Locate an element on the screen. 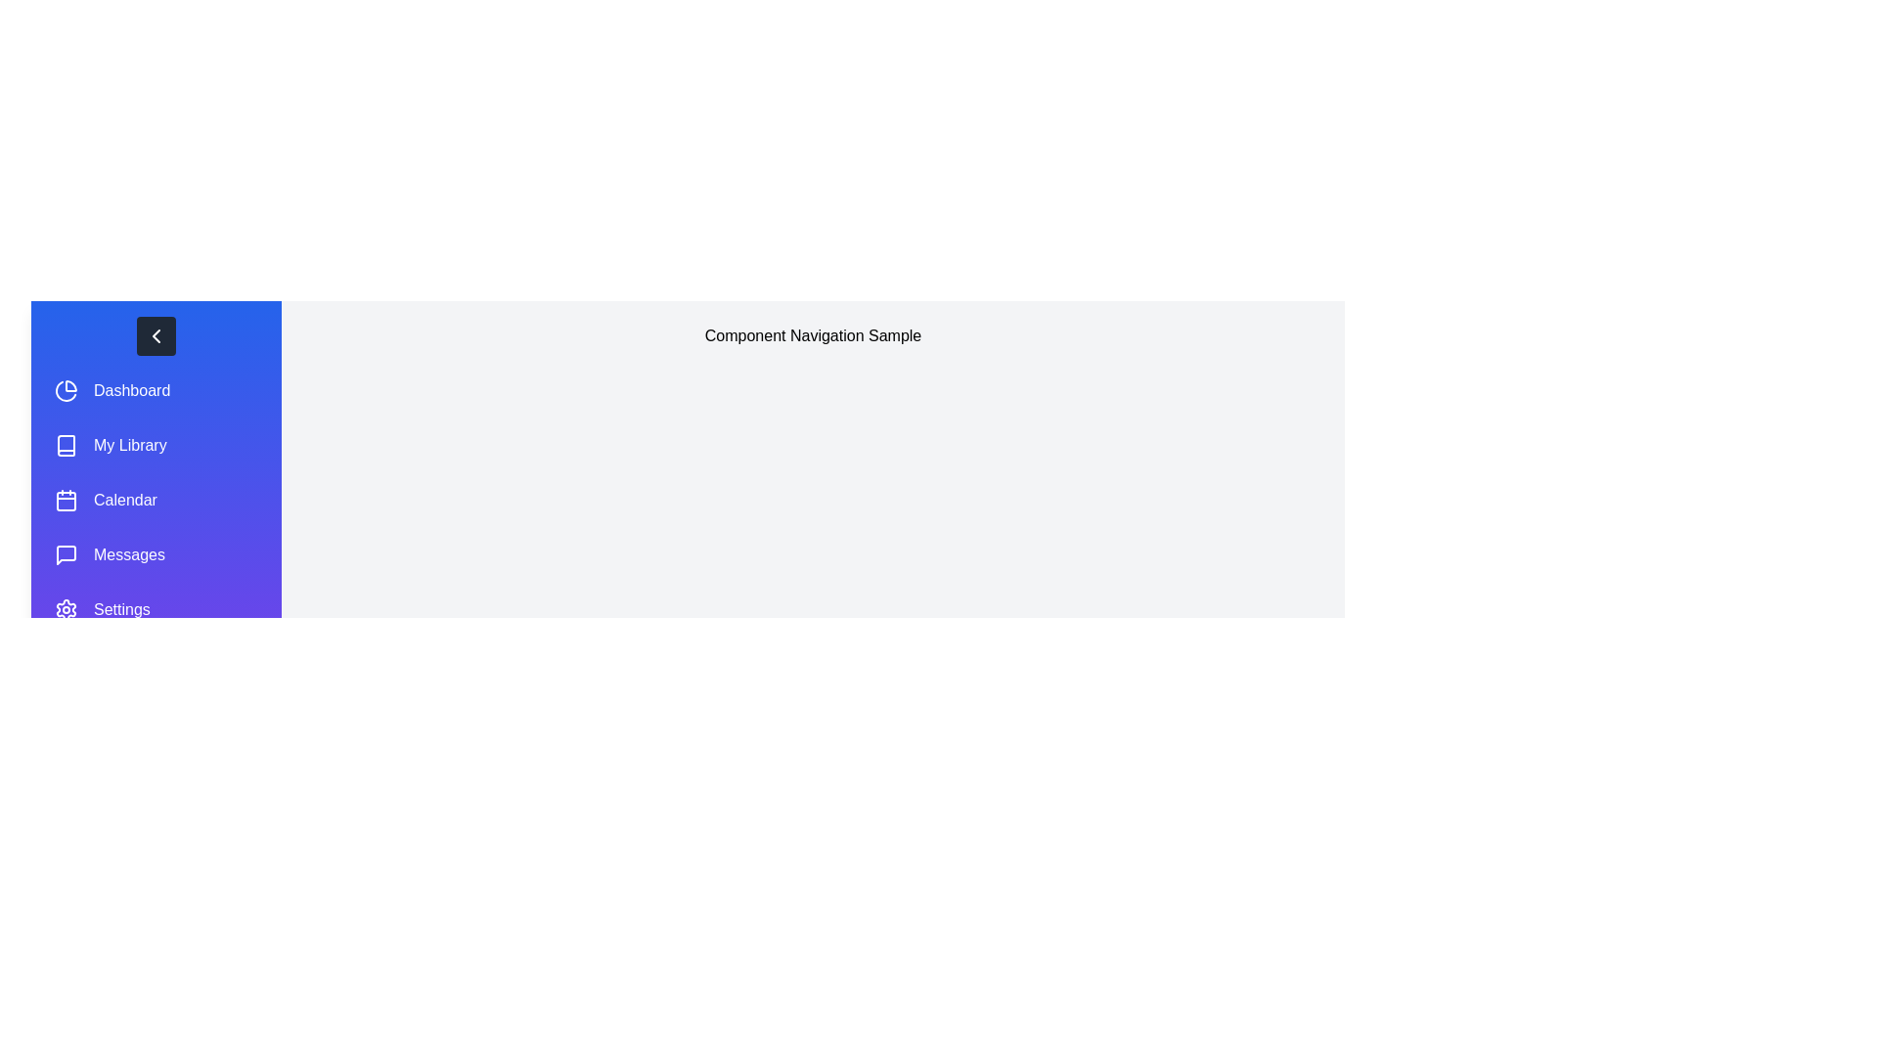 This screenshot has width=1878, height=1056. the menu item Messages from the navigation panel is located at coordinates (155, 554).